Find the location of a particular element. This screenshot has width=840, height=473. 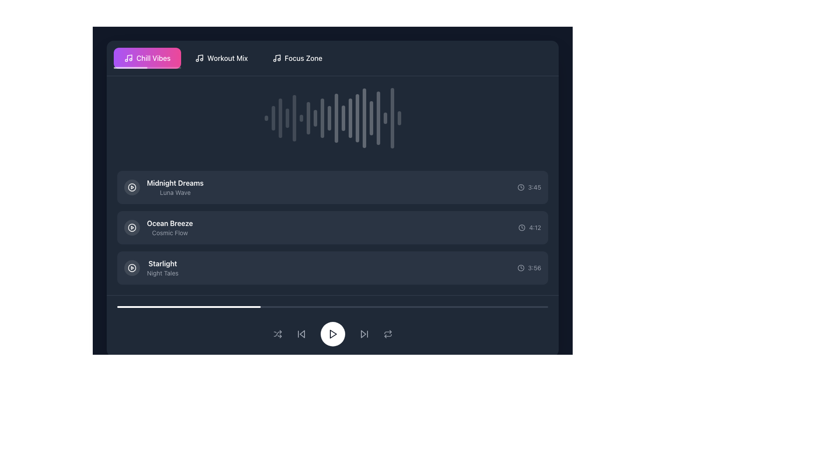

the first list item displaying the song or item label is located at coordinates (164, 187).